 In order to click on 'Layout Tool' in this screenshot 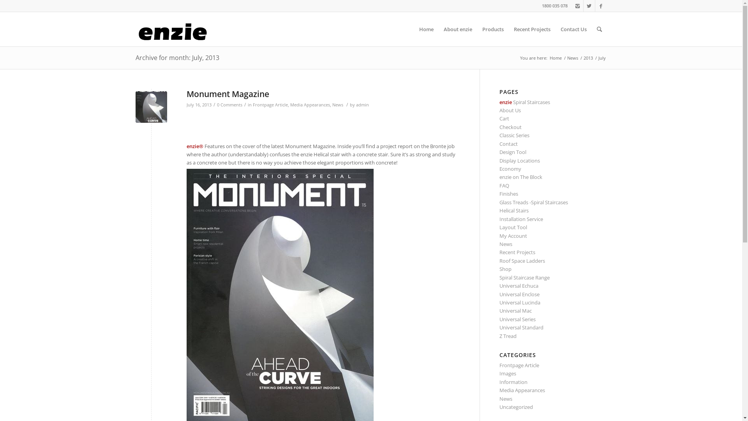, I will do `click(513, 227)`.